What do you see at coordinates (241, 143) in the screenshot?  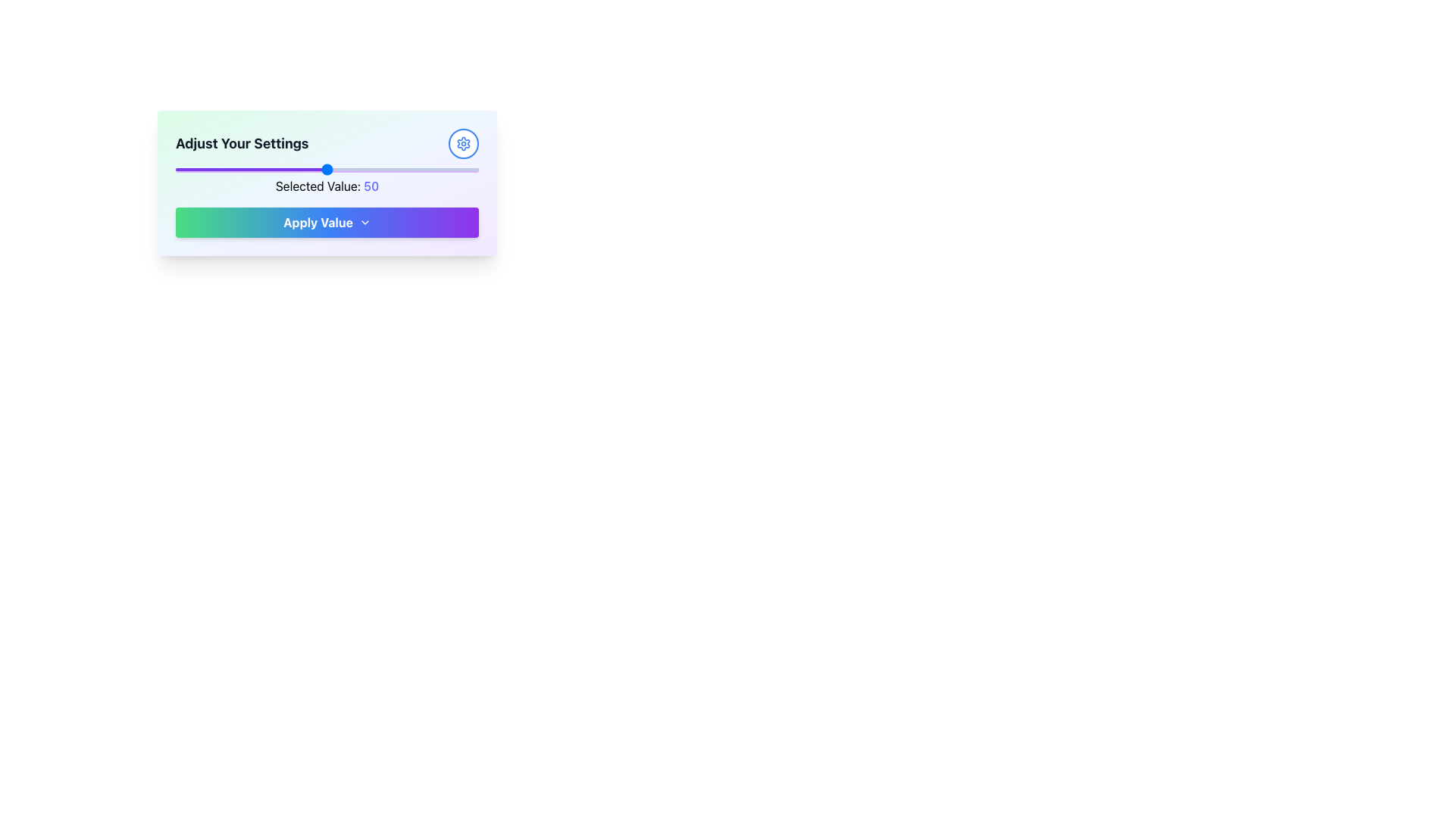 I see `text label that serves as a title or heading for the settings adjustment section, located at the top-left corner of the card layout` at bounding box center [241, 143].